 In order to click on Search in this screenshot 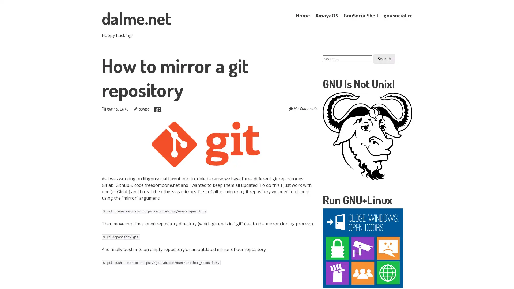, I will do `click(384, 59)`.